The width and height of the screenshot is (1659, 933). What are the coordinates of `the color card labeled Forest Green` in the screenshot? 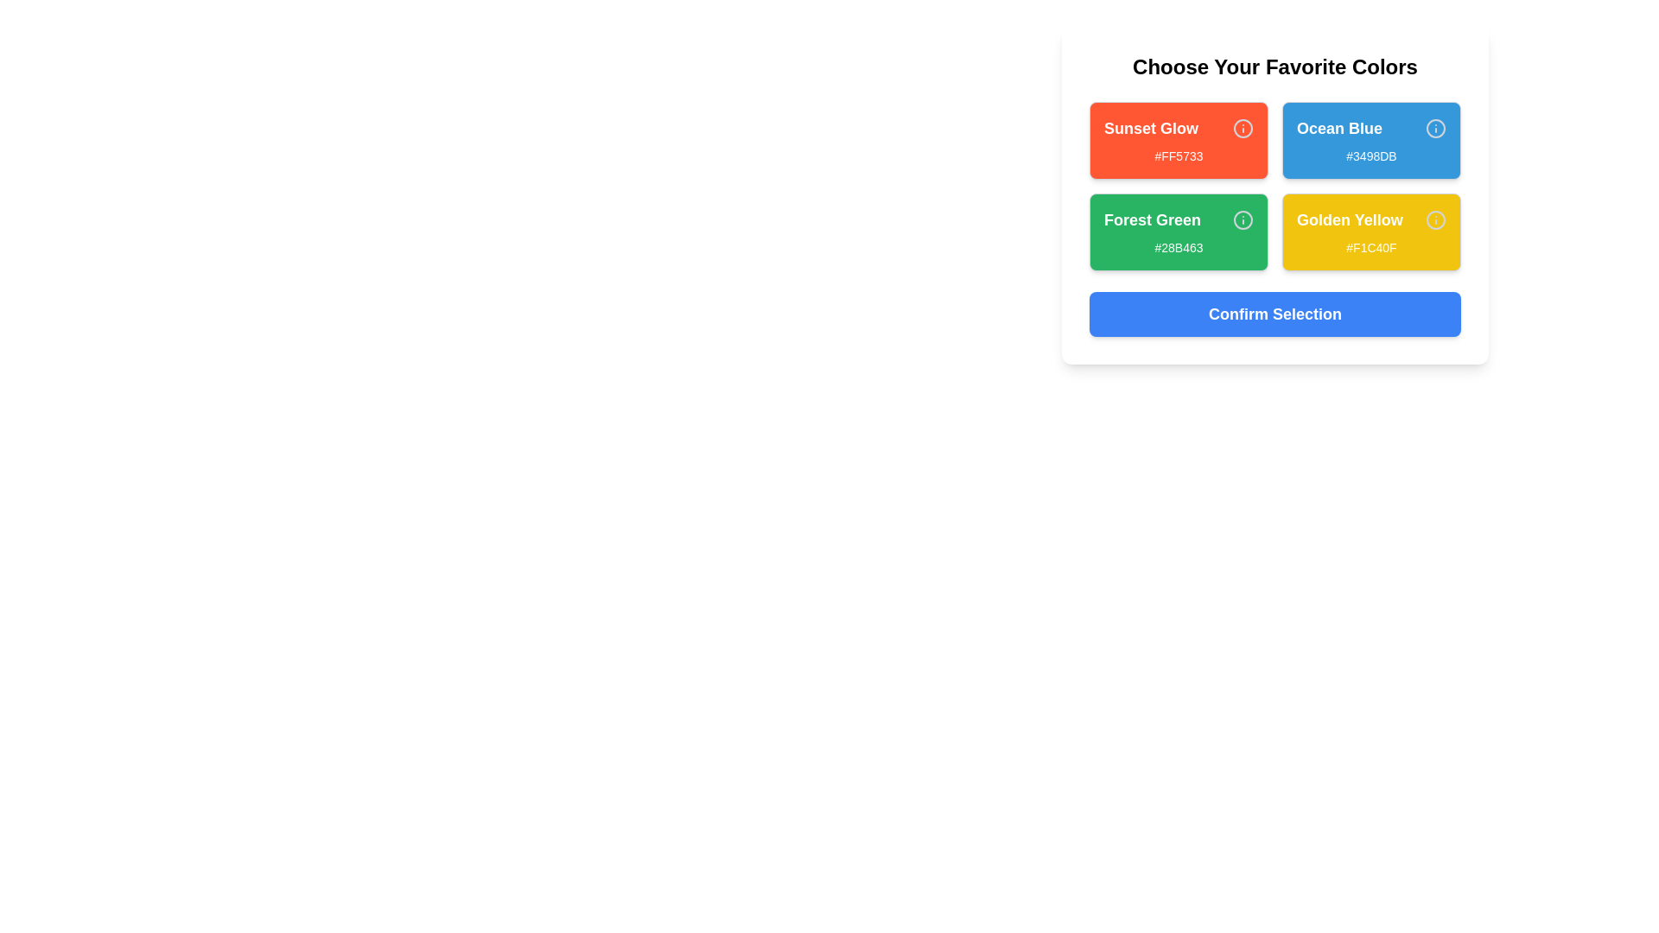 It's located at (1178, 232).